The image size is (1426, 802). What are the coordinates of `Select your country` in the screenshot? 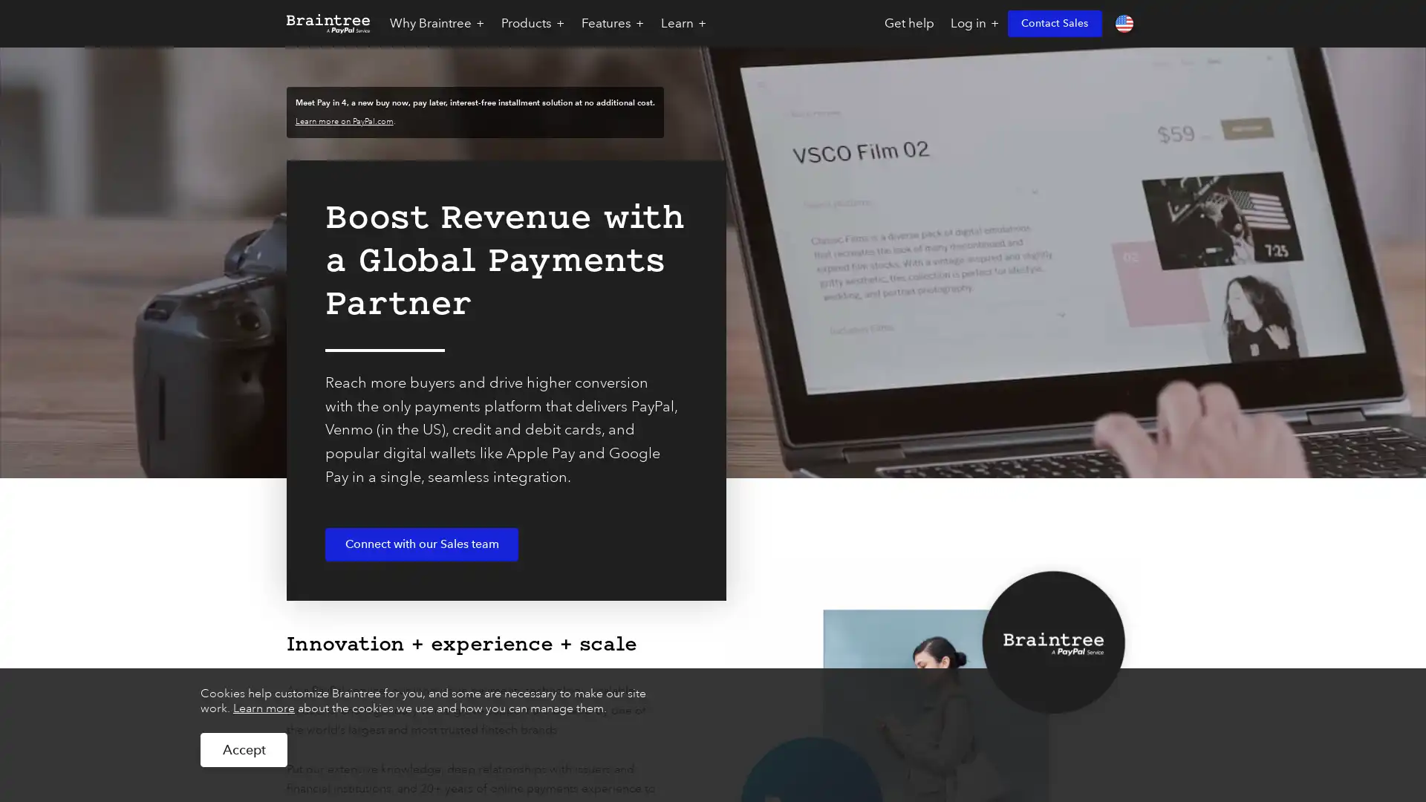 It's located at (1124, 23).